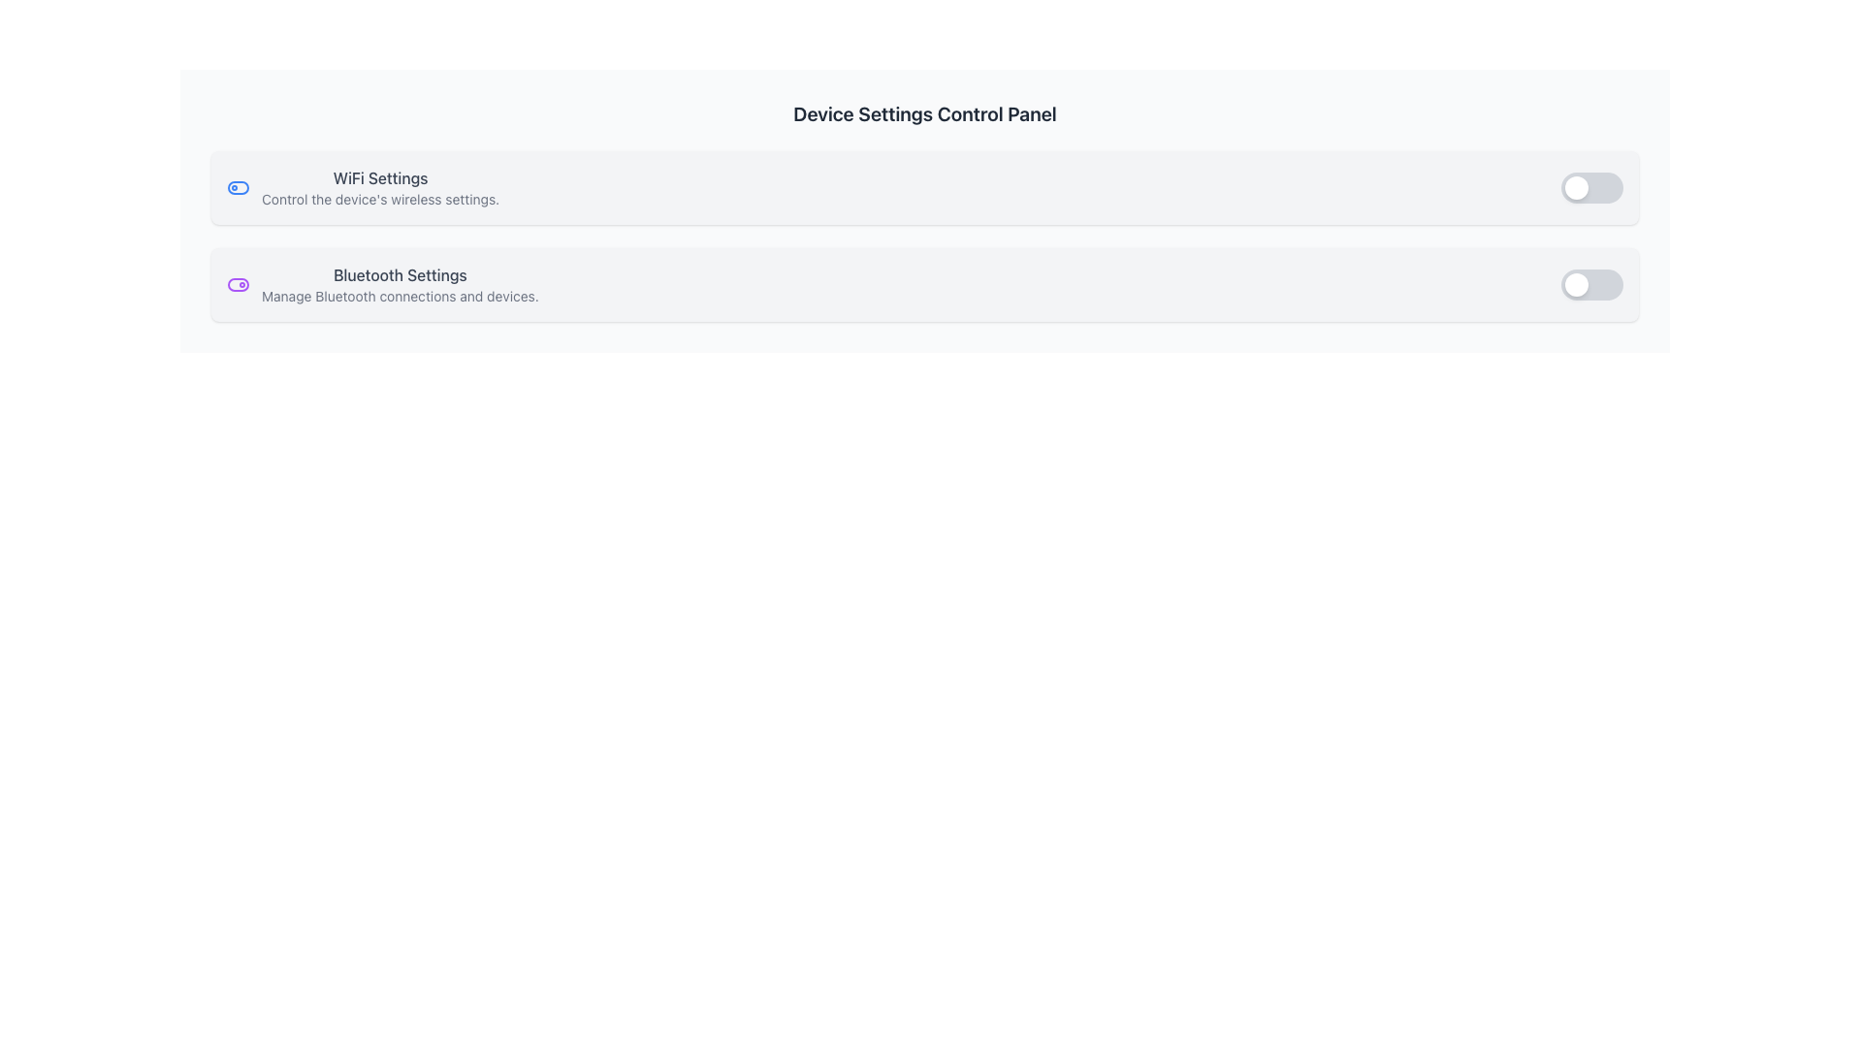  Describe the element at coordinates (924, 284) in the screenshot. I see `the Bluetooth settings toggle switch component, which is the second item` at that location.